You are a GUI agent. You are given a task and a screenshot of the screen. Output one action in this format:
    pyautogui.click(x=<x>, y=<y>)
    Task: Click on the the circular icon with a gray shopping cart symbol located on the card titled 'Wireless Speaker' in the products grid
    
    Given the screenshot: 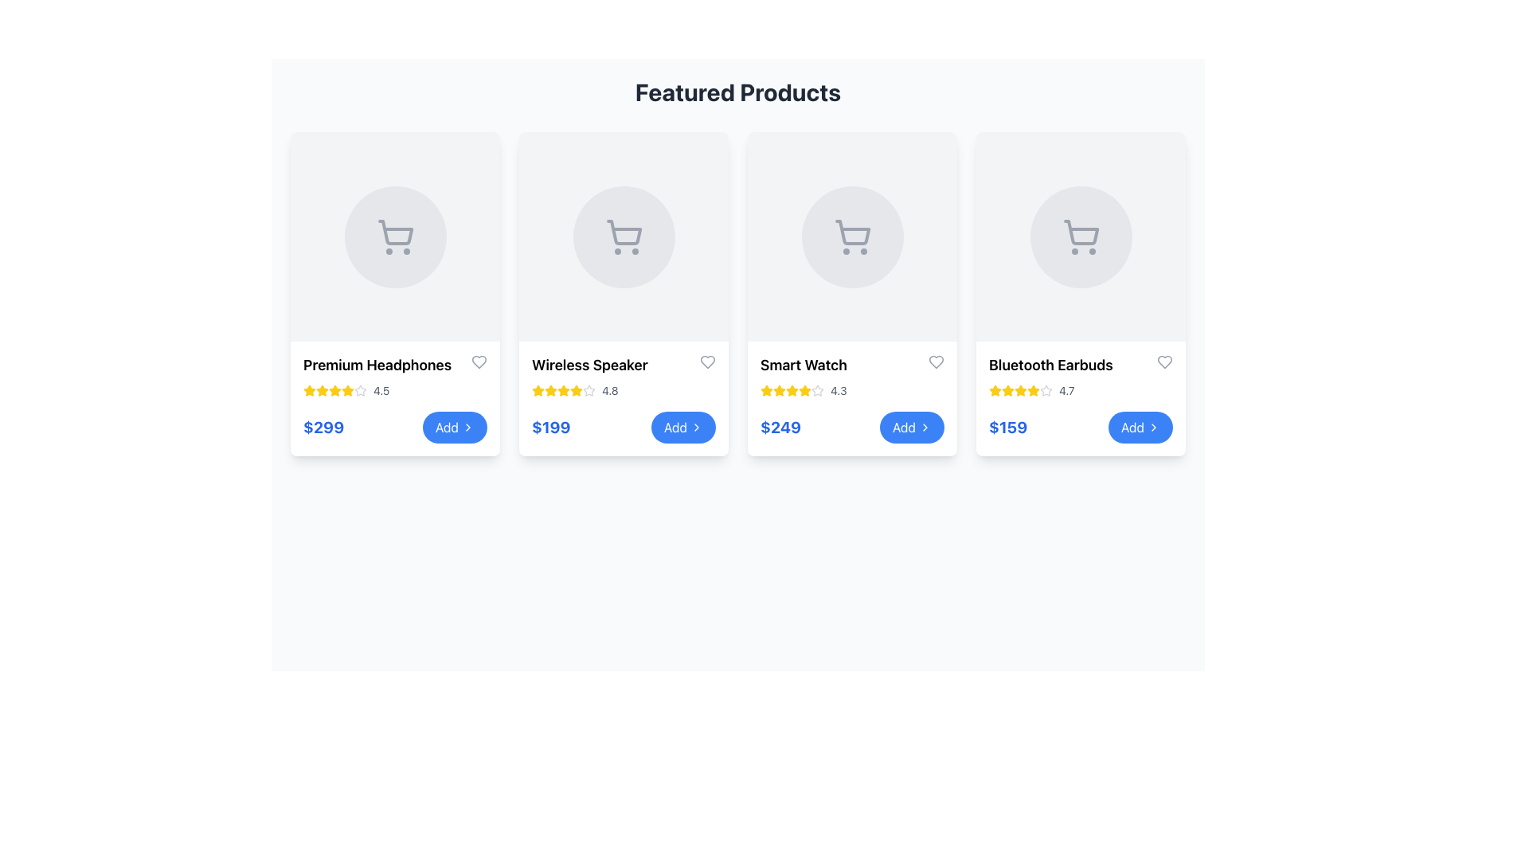 What is the action you would take?
    pyautogui.click(x=623, y=236)
    